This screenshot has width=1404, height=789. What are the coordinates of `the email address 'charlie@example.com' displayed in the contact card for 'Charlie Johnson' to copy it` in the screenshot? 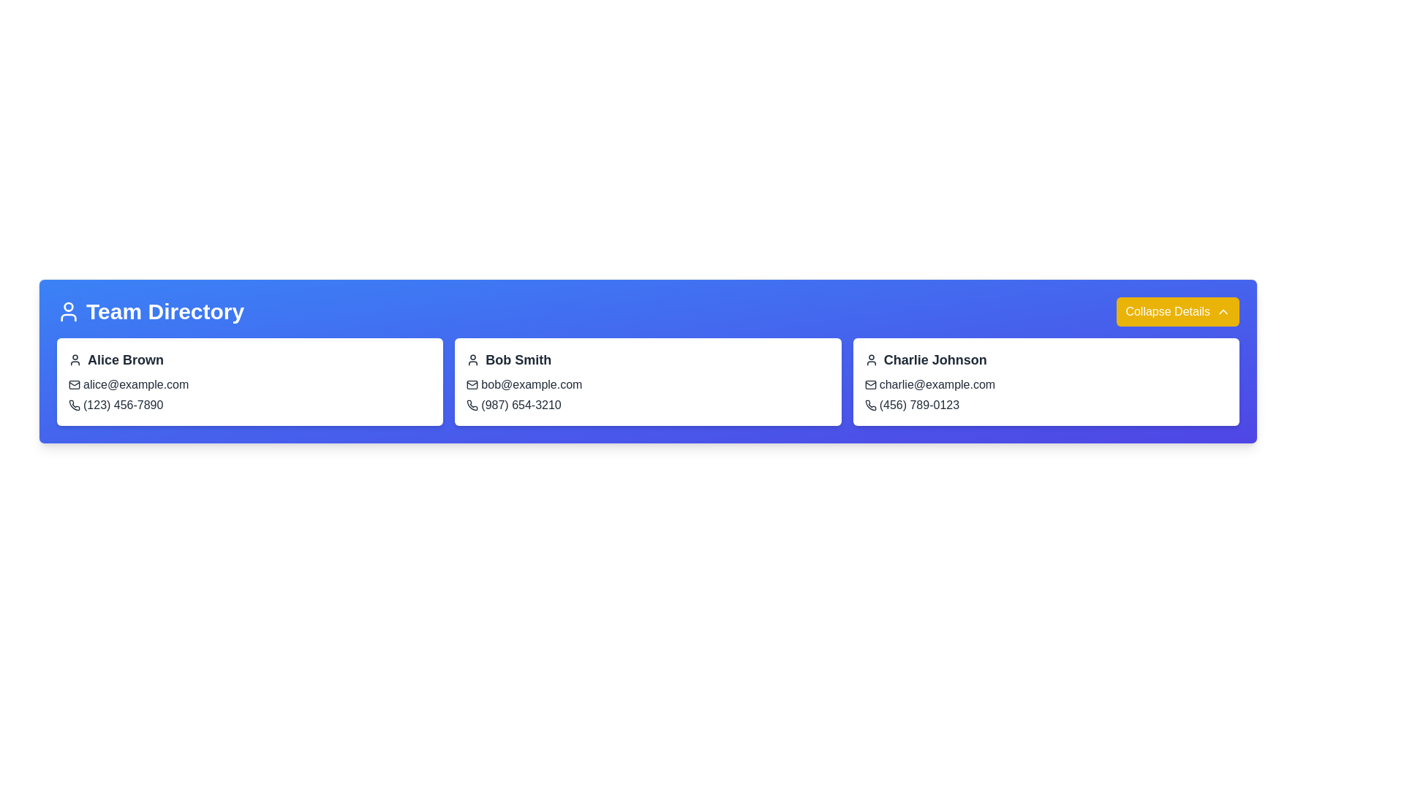 It's located at (929, 384).